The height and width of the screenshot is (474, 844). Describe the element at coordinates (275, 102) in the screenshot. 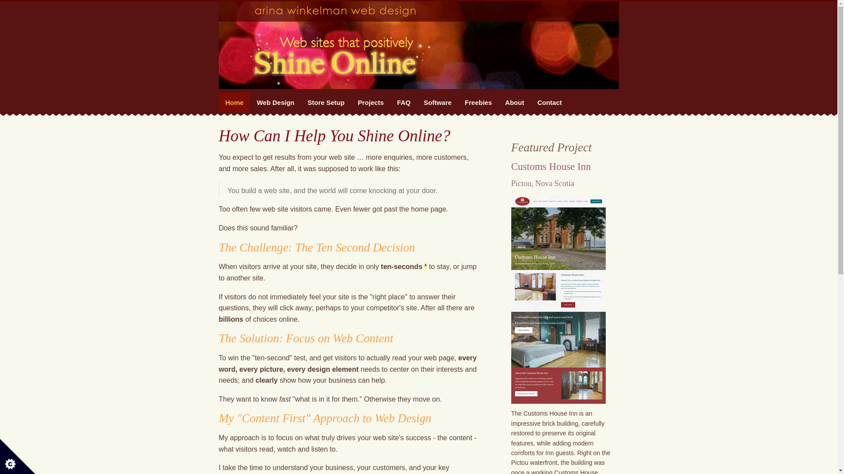

I see `'Web Design'` at that location.